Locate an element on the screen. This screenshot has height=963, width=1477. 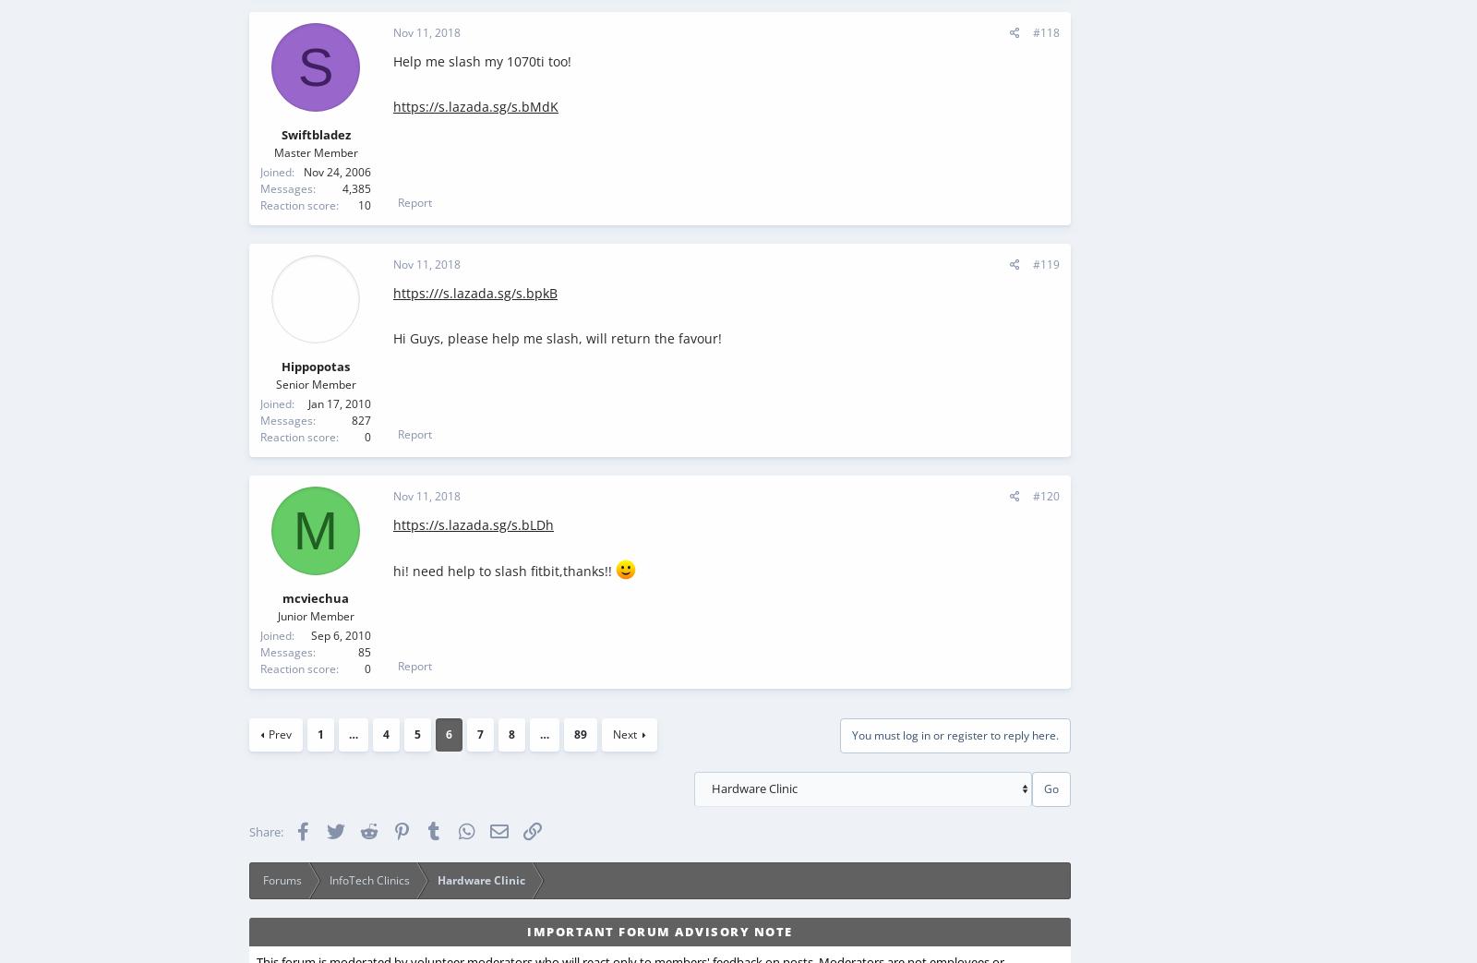
'Senior Member' is located at coordinates (315, 383).